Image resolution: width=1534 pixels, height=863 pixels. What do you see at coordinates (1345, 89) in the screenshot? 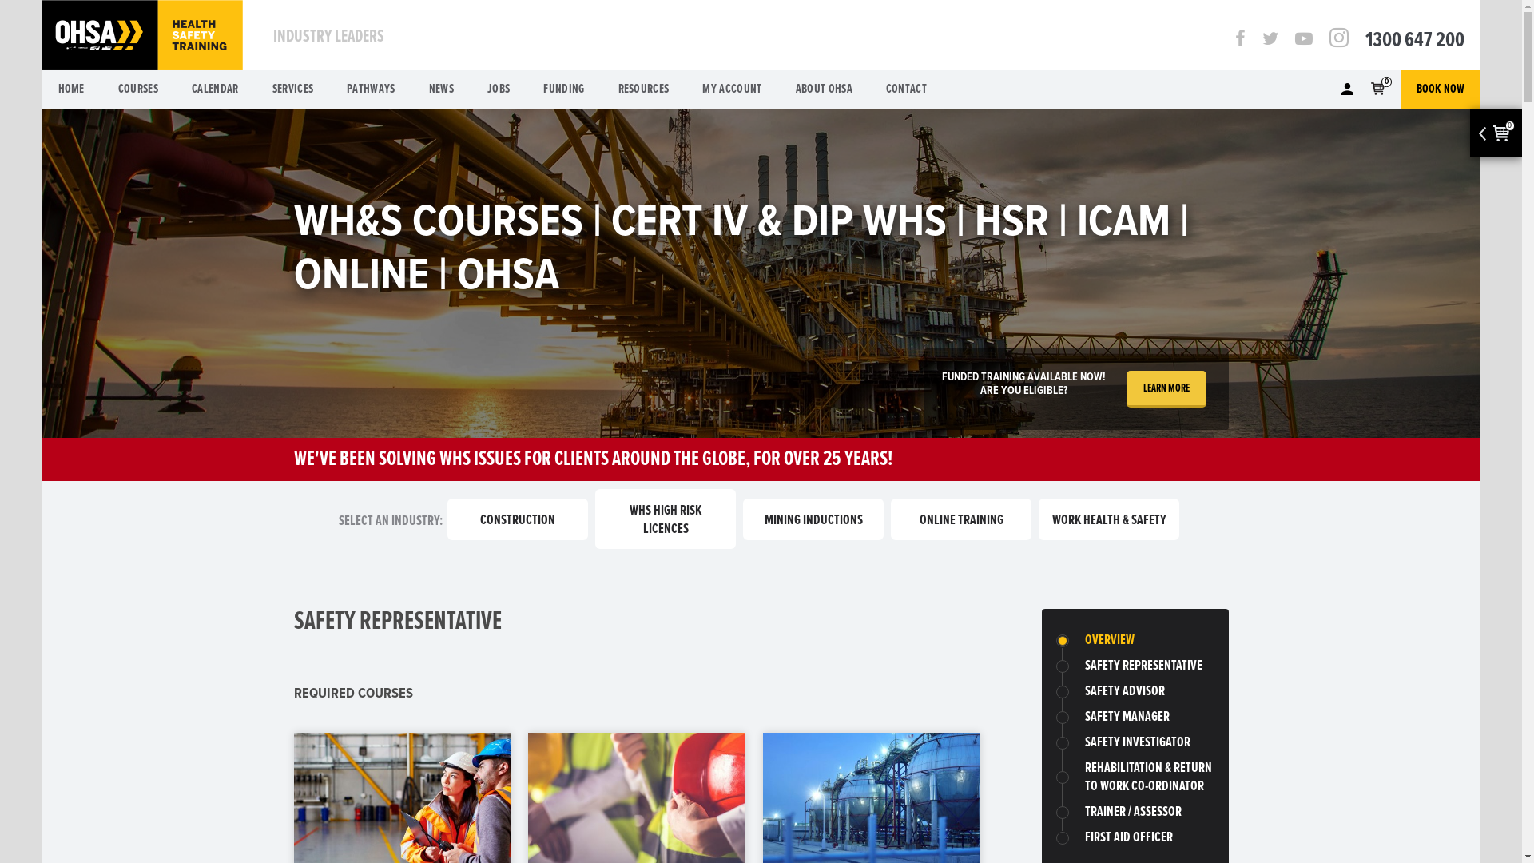
I see `'Member'` at bounding box center [1345, 89].